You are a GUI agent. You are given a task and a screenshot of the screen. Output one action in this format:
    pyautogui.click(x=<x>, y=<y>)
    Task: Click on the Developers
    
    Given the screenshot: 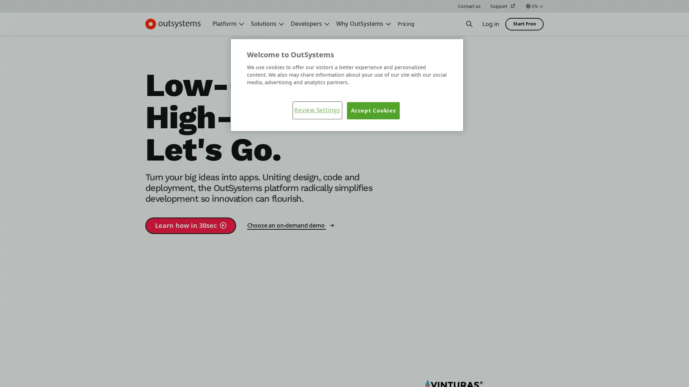 What is the action you would take?
    pyautogui.click(x=310, y=23)
    